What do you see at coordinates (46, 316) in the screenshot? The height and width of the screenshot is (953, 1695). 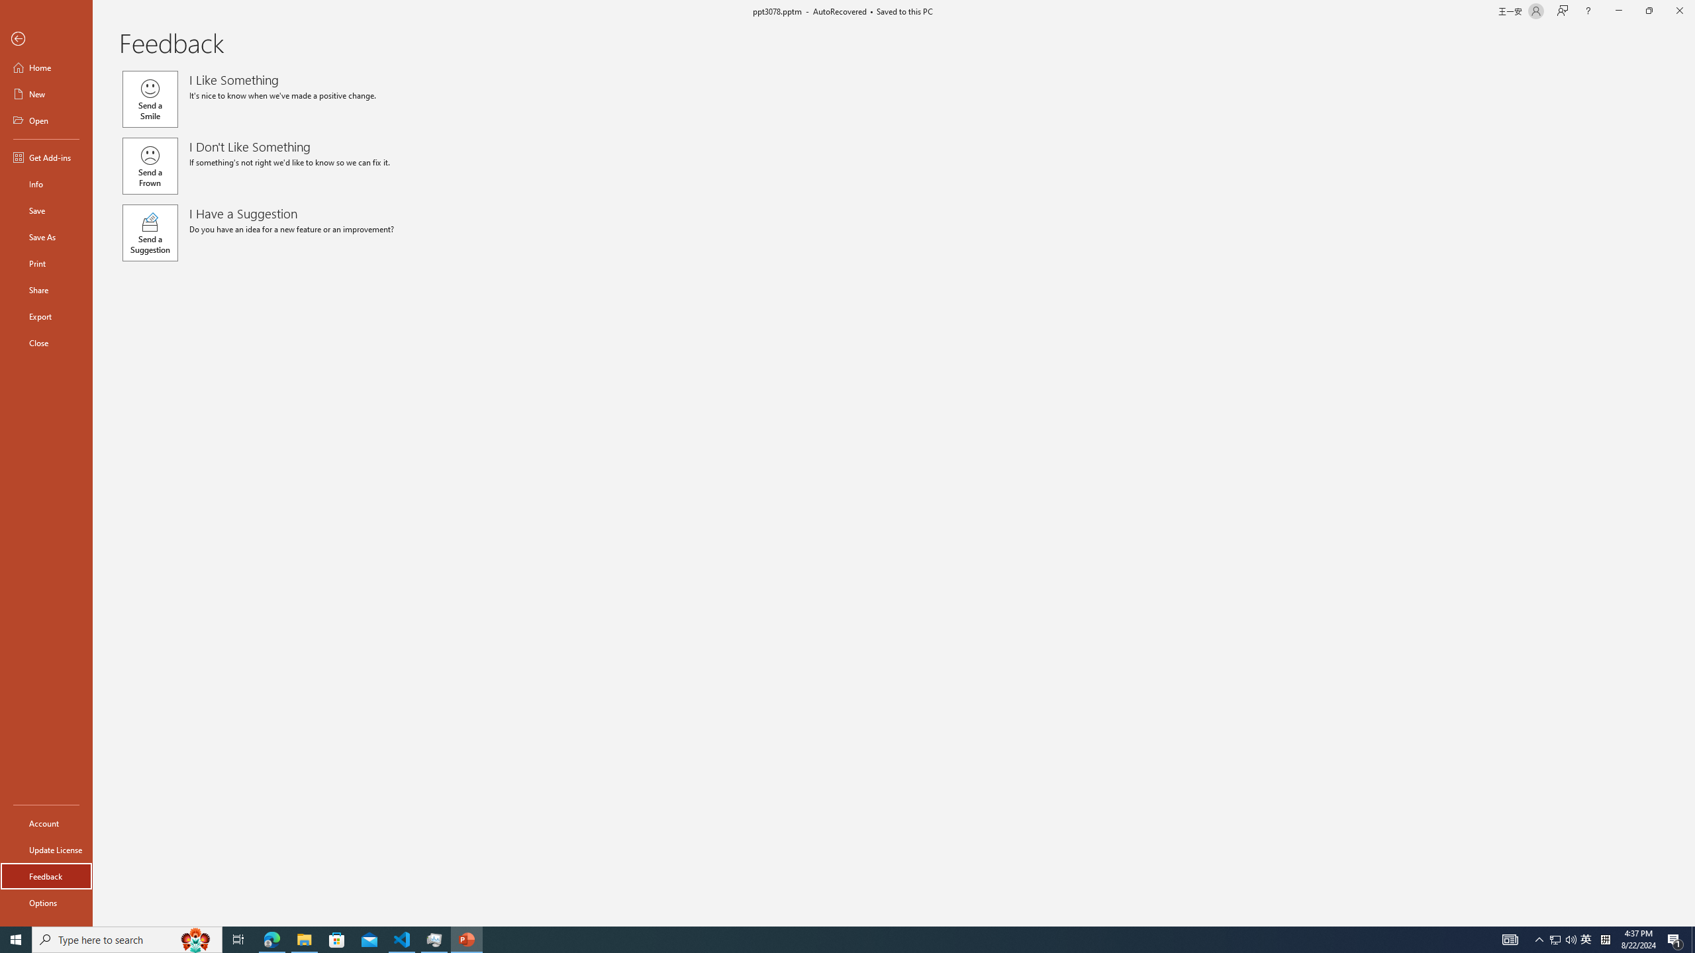 I see `'Export'` at bounding box center [46, 316].